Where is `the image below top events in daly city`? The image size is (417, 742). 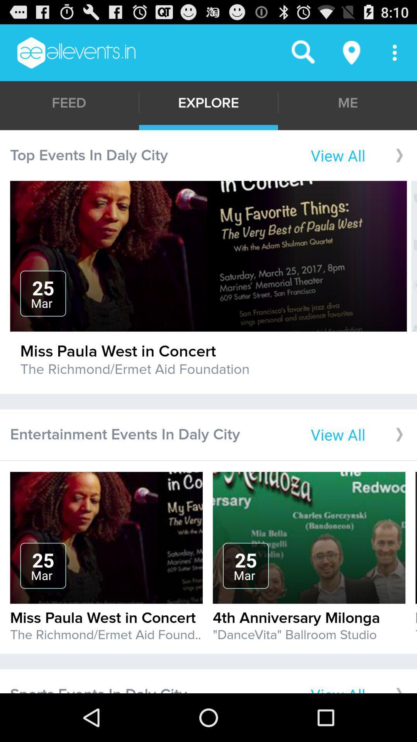 the image below top events in daly city is located at coordinates (208, 256).